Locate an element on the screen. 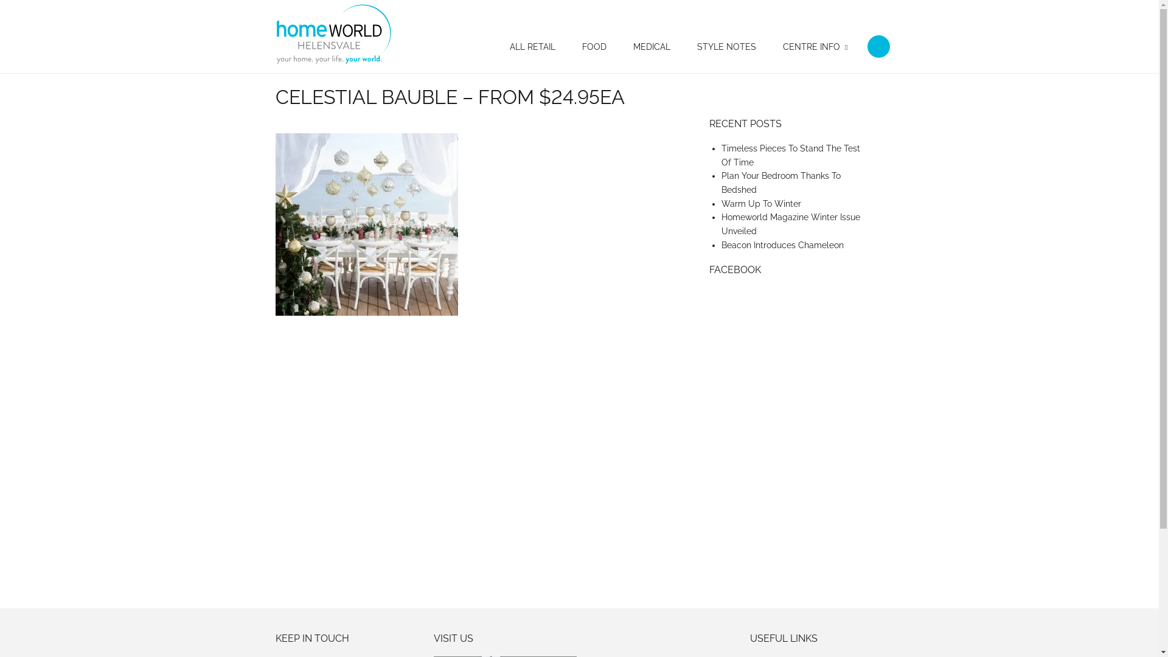 The image size is (1168, 657). 'Homeworld Magazine Winter Issue Unveiled' is located at coordinates (721, 224).